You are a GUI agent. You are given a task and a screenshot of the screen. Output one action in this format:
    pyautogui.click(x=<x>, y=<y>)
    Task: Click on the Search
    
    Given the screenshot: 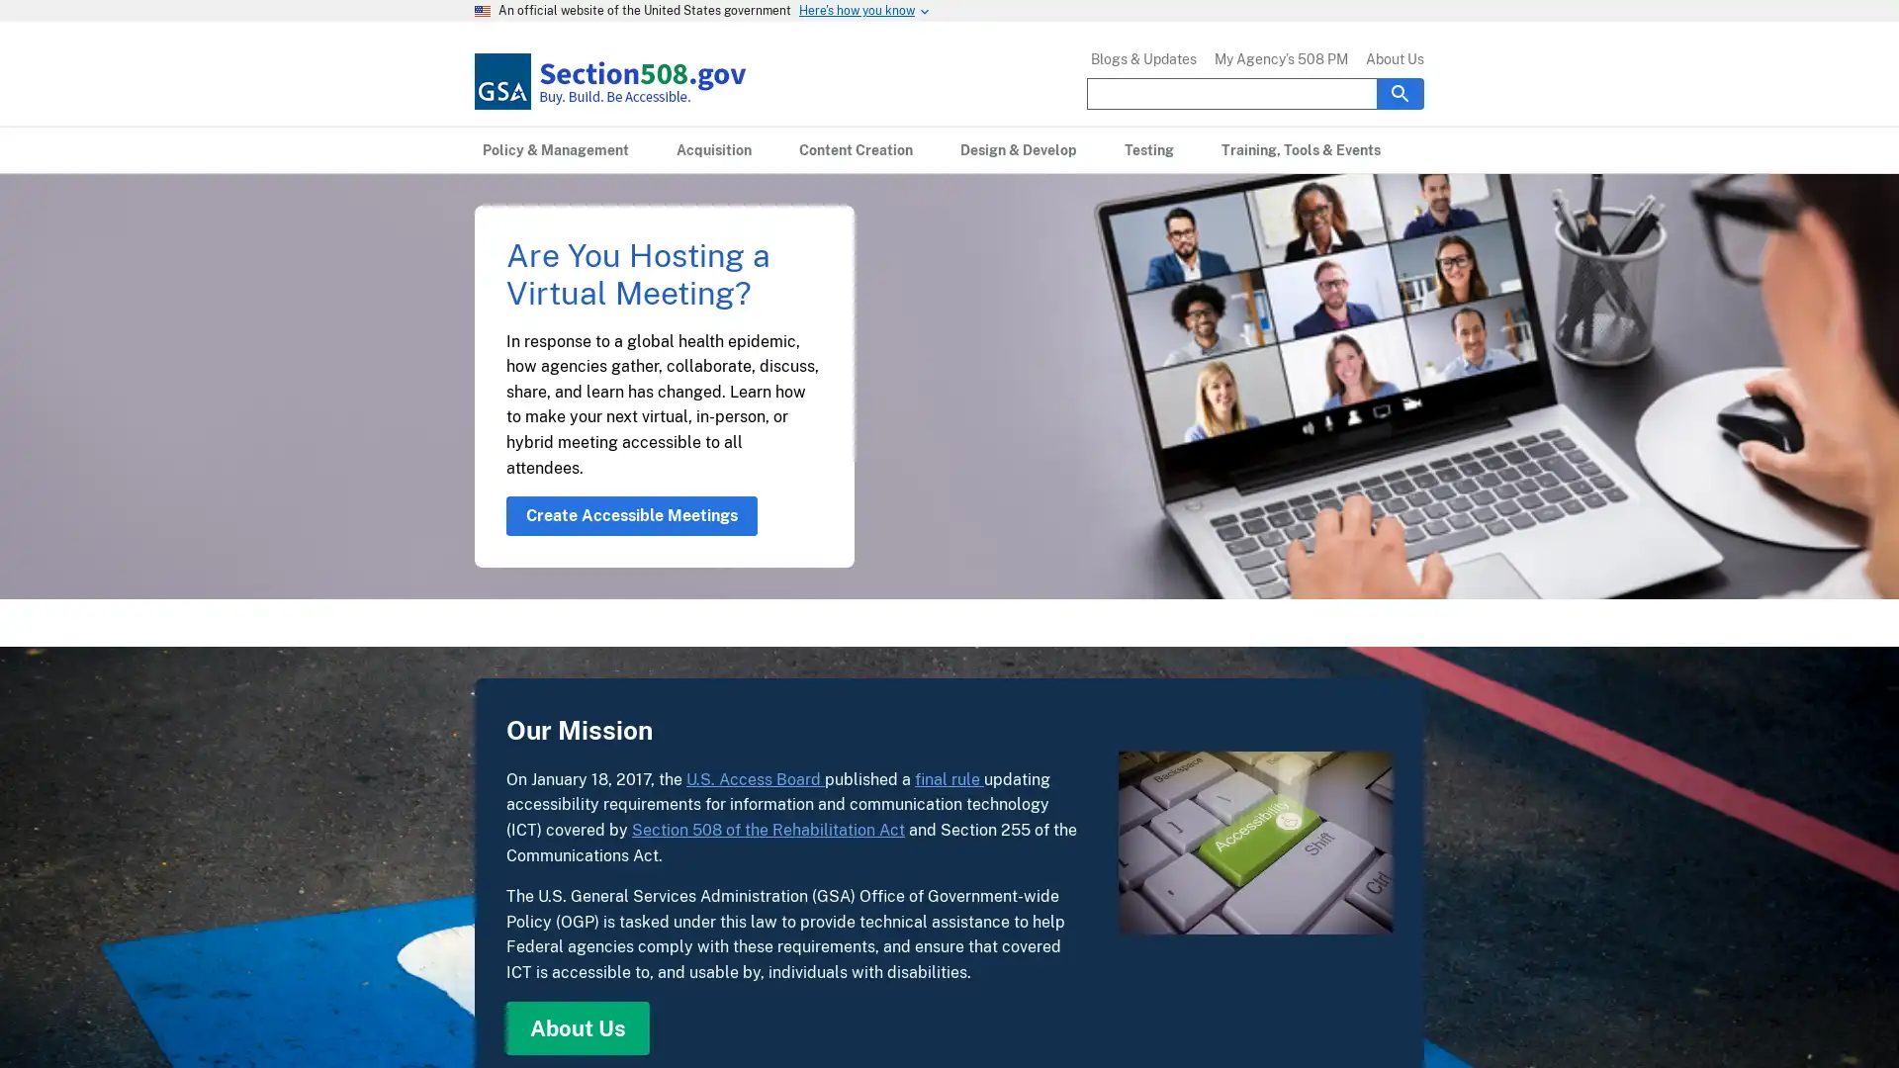 What is the action you would take?
    pyautogui.click(x=1400, y=92)
    